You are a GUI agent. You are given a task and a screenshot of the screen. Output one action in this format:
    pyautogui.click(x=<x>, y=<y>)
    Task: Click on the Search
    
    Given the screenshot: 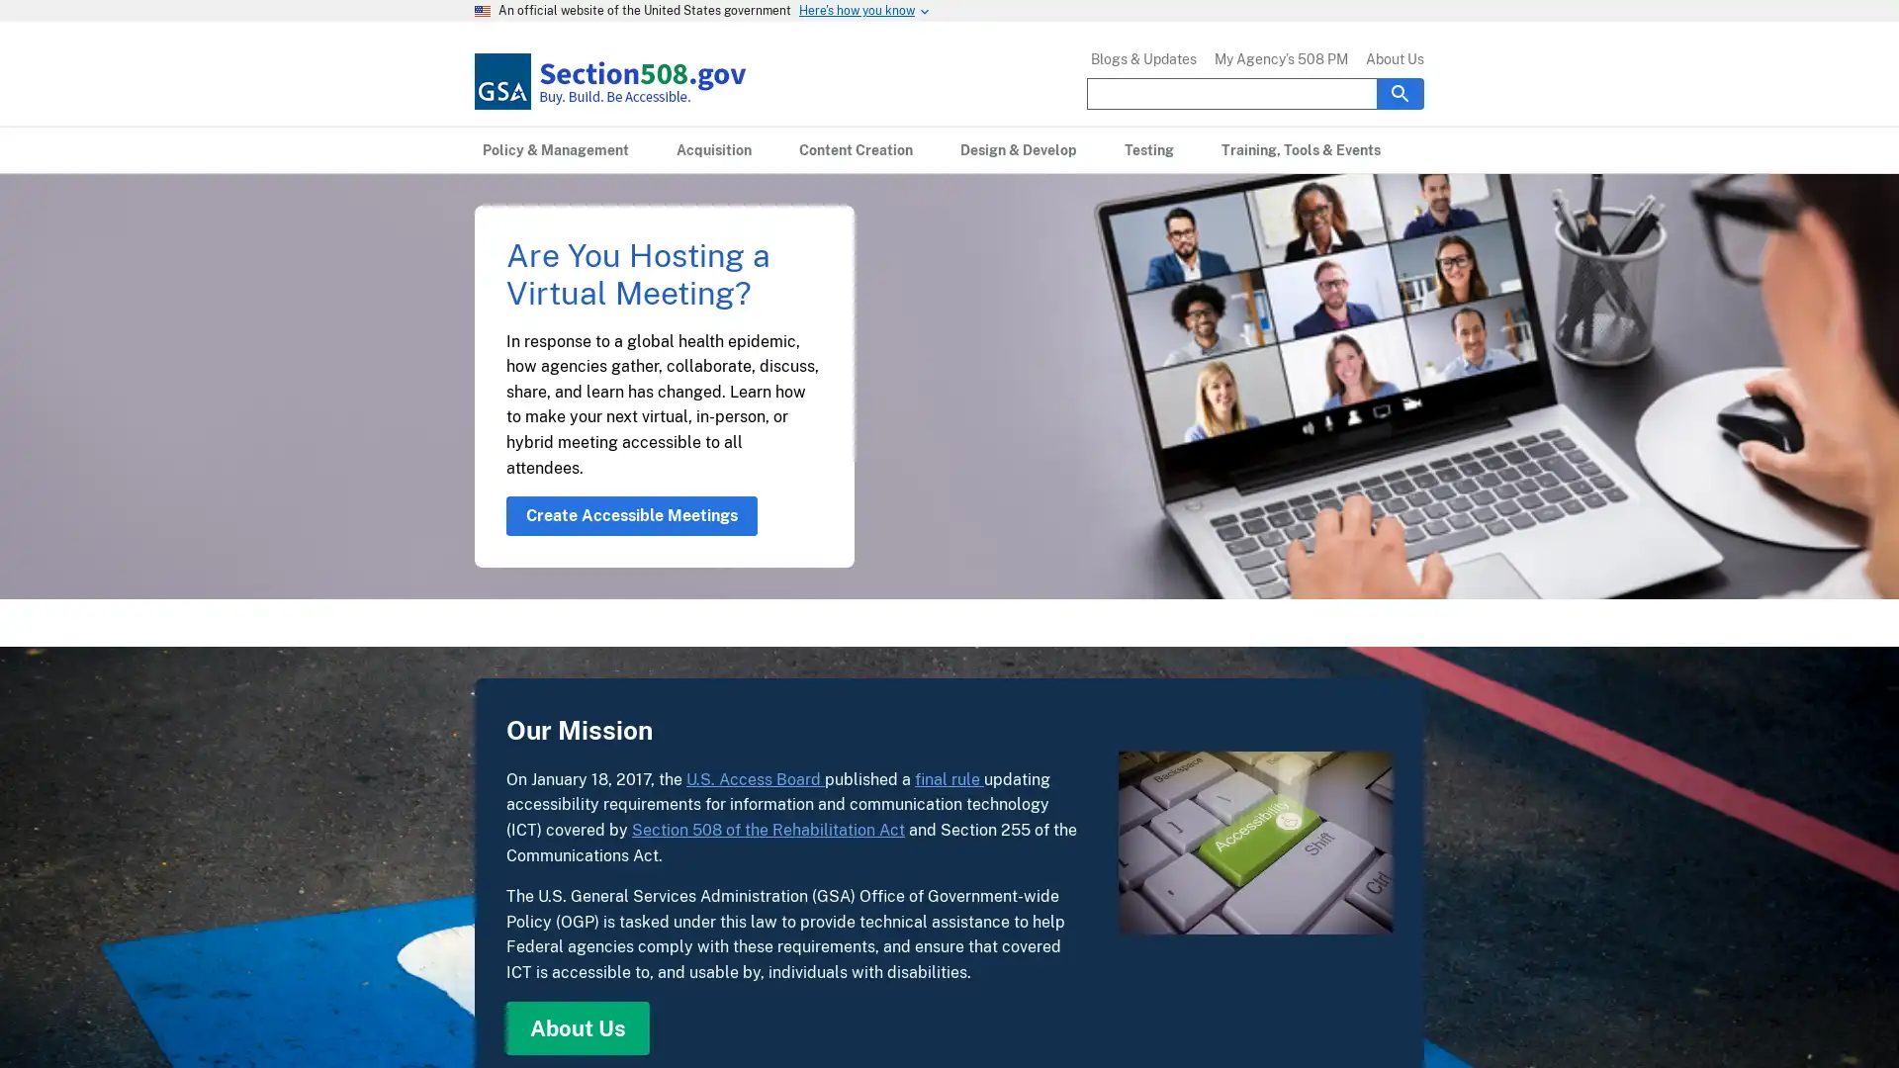 What is the action you would take?
    pyautogui.click(x=1400, y=92)
    